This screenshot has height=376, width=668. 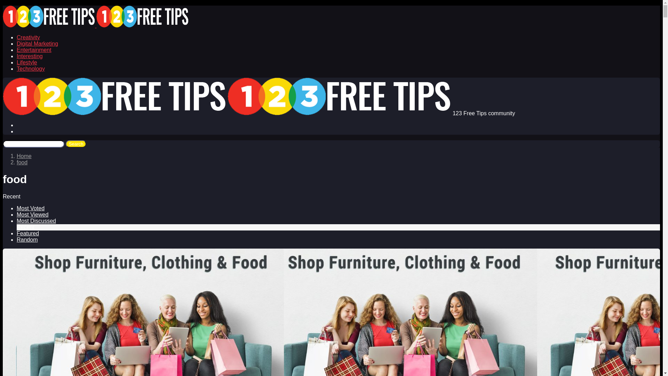 I want to click on 'Lifestyle', so click(x=27, y=62).